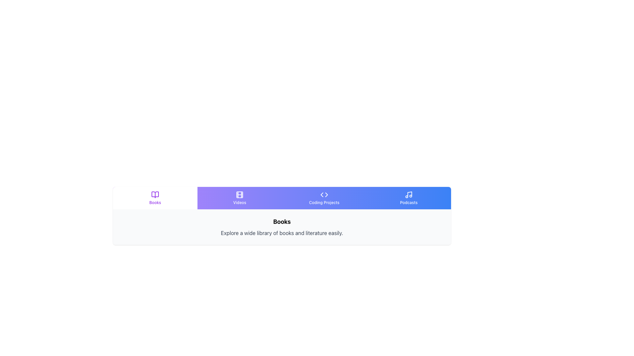 This screenshot has width=634, height=356. Describe the element at coordinates (282, 222) in the screenshot. I see `the bold text element labeled 'Books', which is styled with a large font size and black color, located at the top-center of the interface above the descriptive text` at that location.